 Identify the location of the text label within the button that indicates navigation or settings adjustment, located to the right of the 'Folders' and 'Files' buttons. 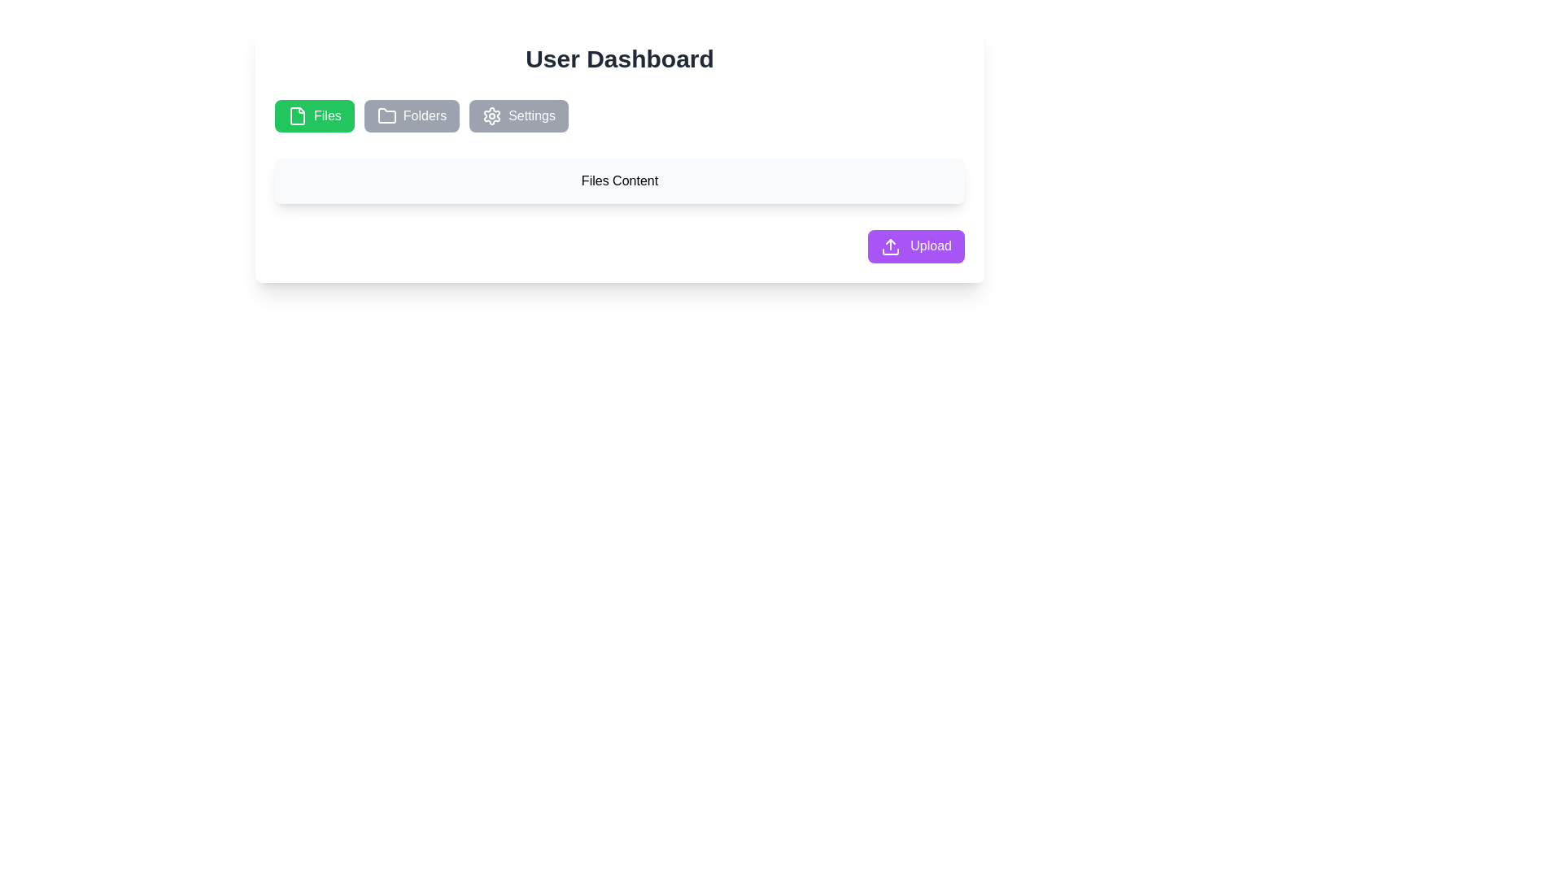
(532, 115).